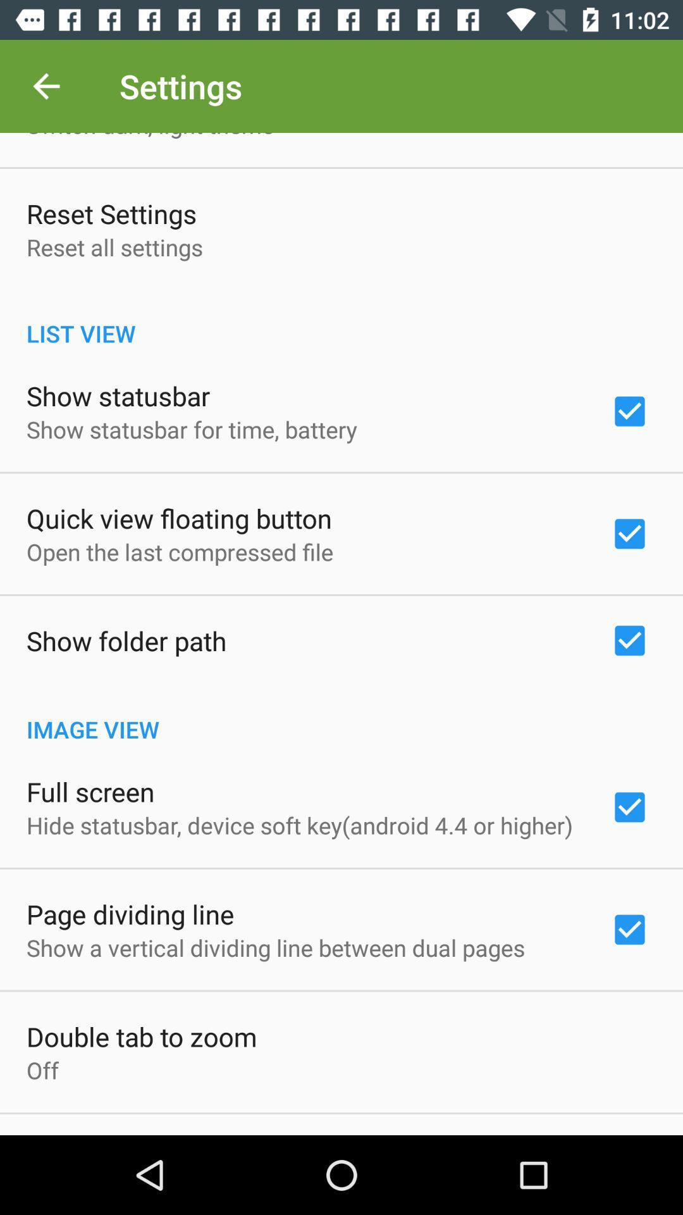  What do you see at coordinates (341, 716) in the screenshot?
I see `image view icon` at bounding box center [341, 716].